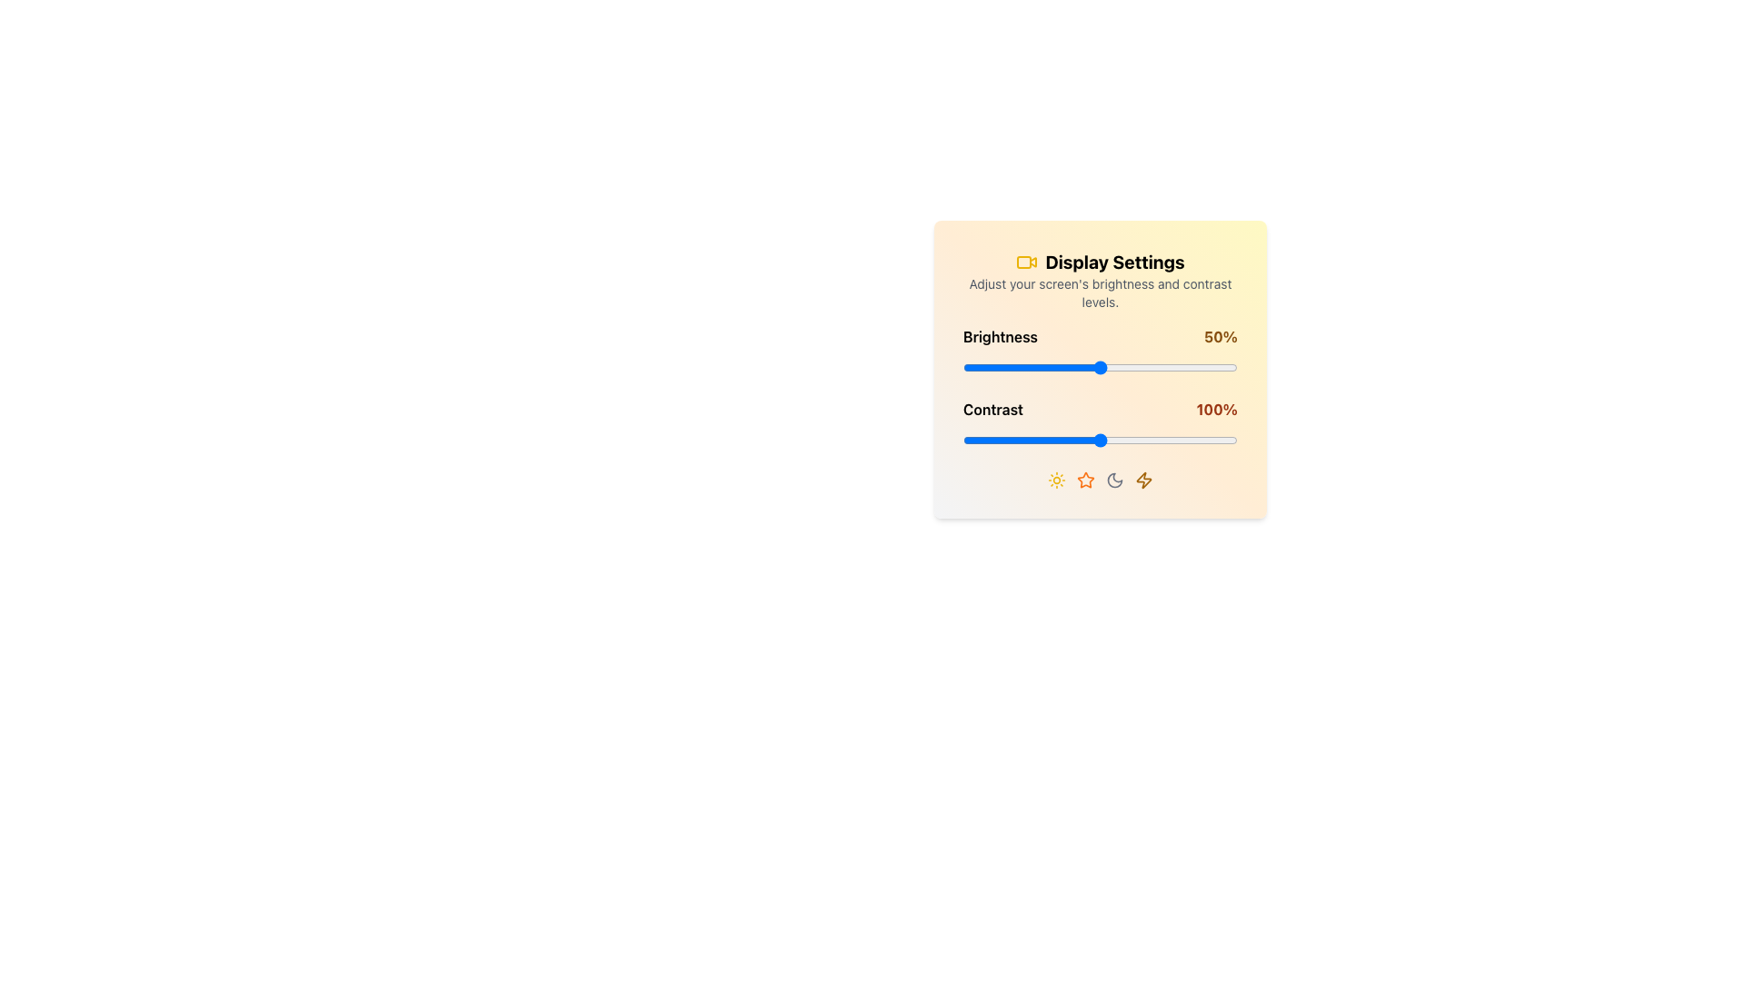 The height and width of the screenshot is (981, 1745). Describe the element at coordinates (1114, 479) in the screenshot. I see `the moon icon representing night mode or low brightness settings located in the fourth position within a horizontal row of icons at the bottom of the display settings section` at that location.